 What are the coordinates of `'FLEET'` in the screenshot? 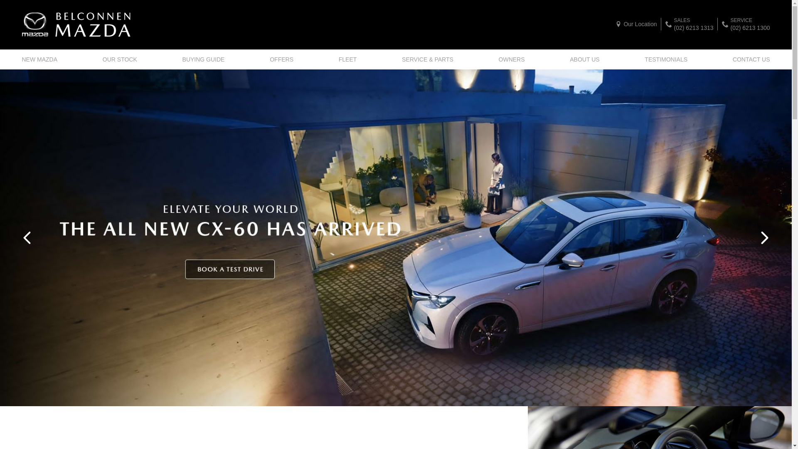 It's located at (347, 59).